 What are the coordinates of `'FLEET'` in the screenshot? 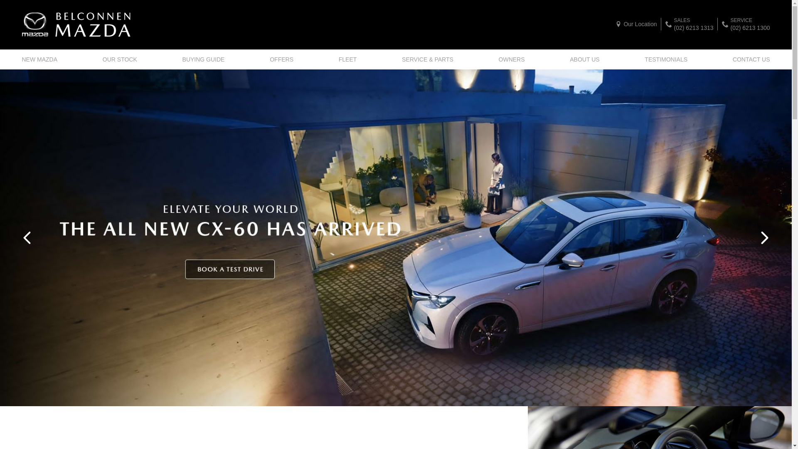 It's located at (347, 59).